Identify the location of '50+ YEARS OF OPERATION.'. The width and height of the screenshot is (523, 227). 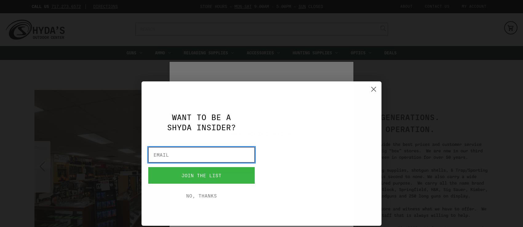
(377, 128).